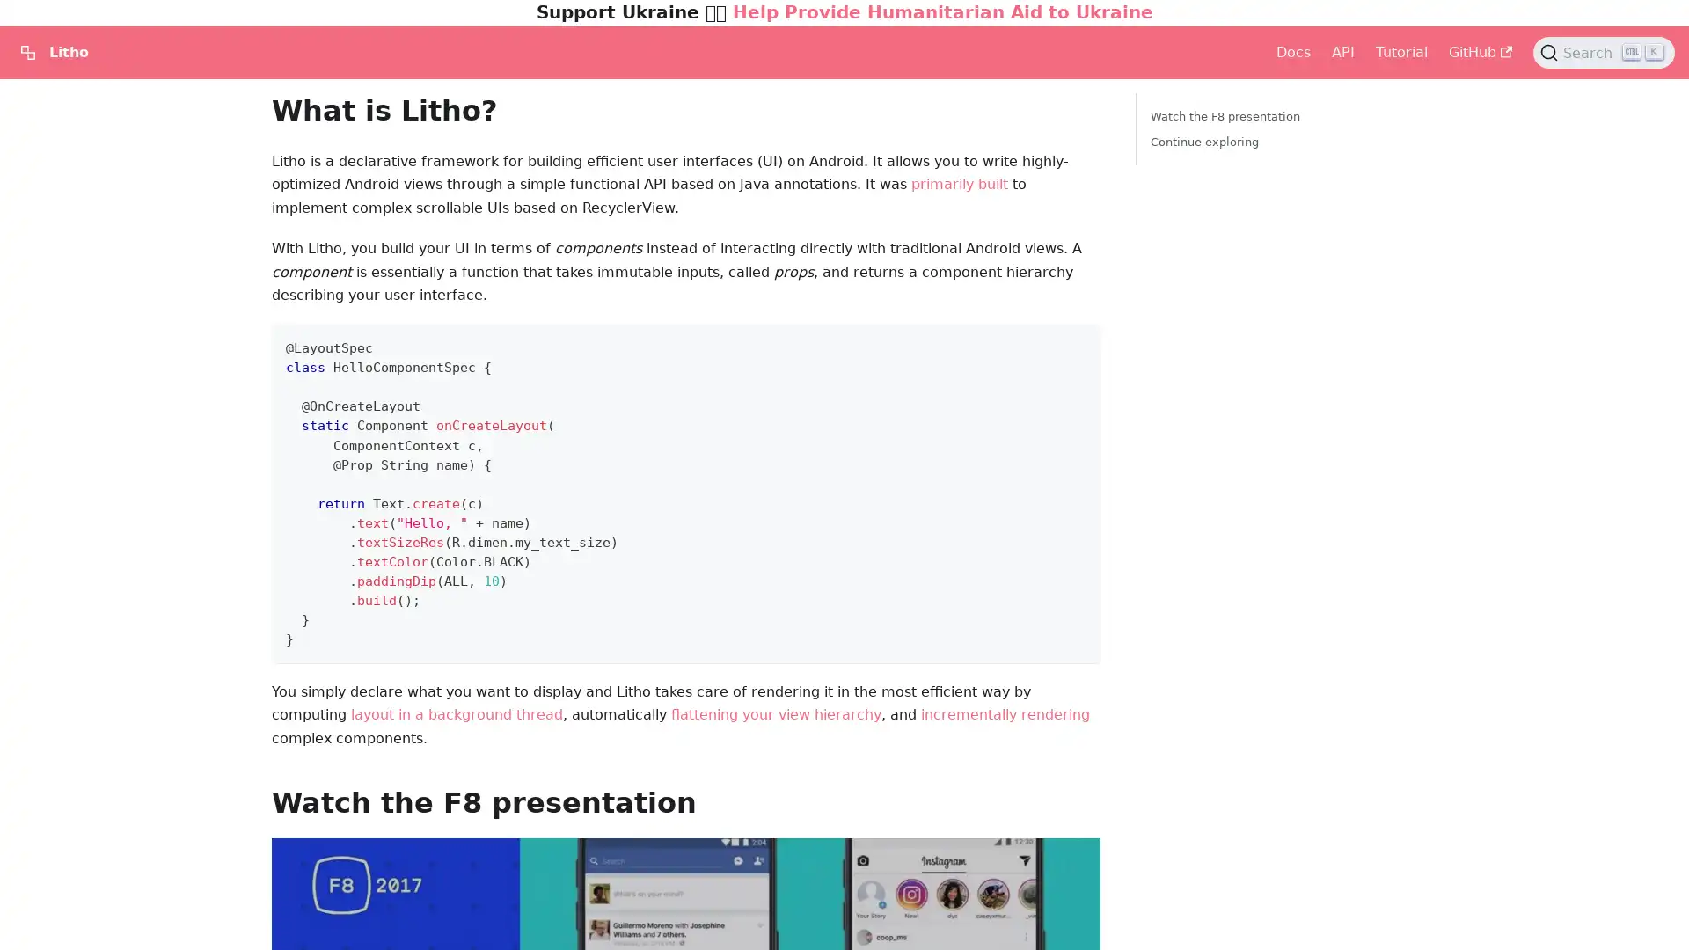 Image resolution: width=1689 pixels, height=950 pixels. What do you see at coordinates (1604, 52) in the screenshot?
I see `Search` at bounding box center [1604, 52].